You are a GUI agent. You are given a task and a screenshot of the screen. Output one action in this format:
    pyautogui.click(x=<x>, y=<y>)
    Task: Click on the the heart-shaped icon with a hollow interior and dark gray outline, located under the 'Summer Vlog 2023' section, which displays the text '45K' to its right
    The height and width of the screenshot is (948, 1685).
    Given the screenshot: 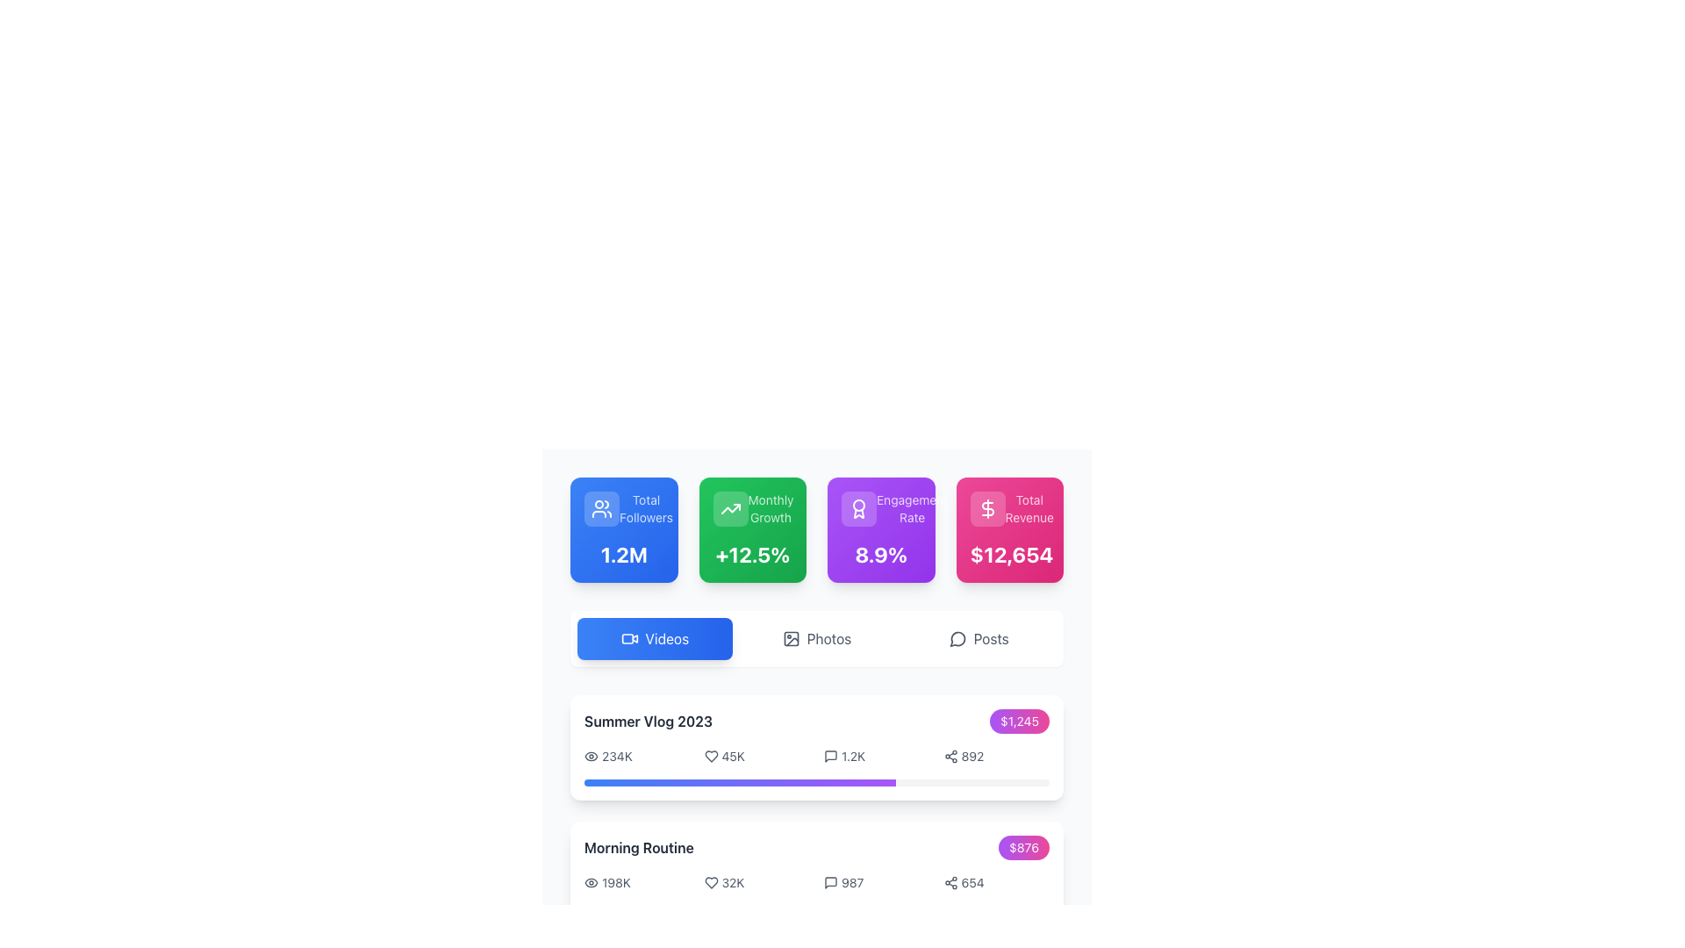 What is the action you would take?
    pyautogui.click(x=711, y=755)
    